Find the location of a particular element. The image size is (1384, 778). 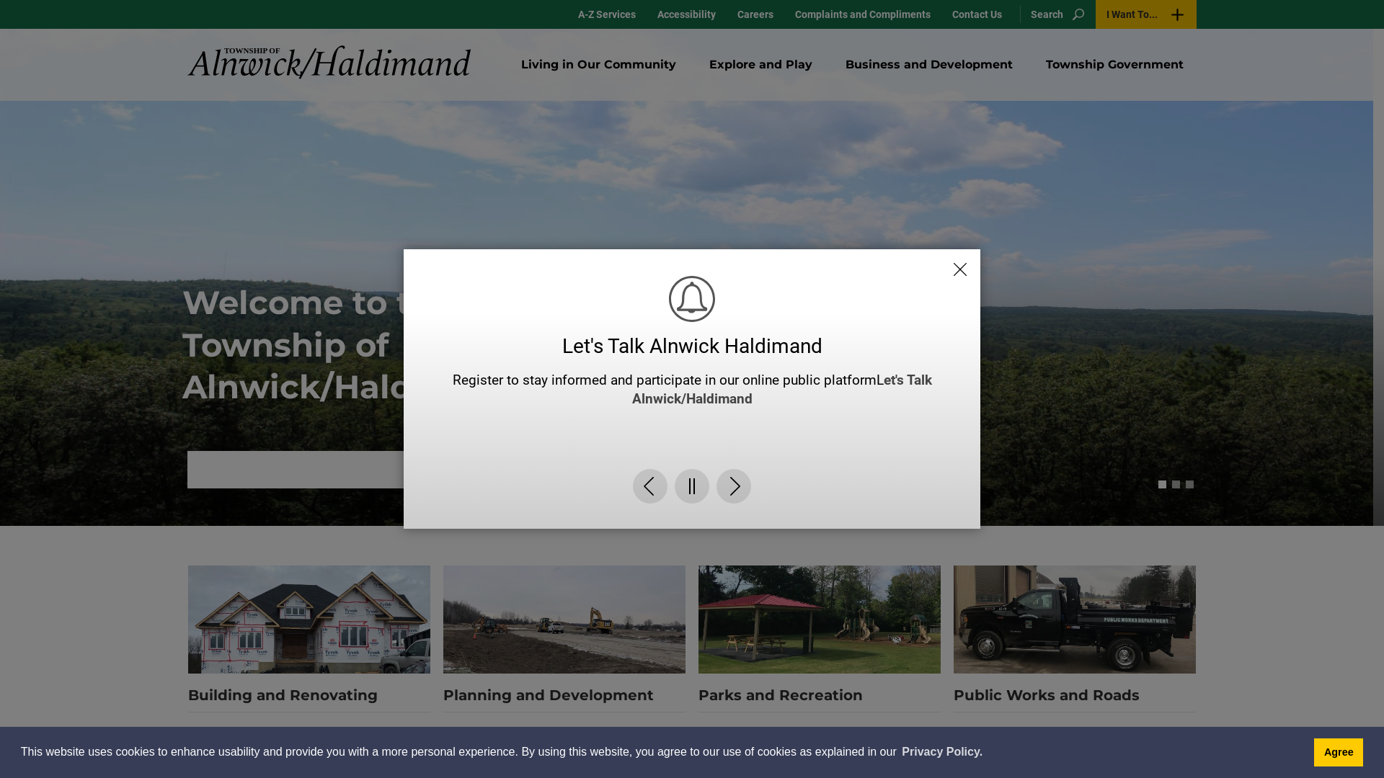

'Accessibility' is located at coordinates (646, 14).